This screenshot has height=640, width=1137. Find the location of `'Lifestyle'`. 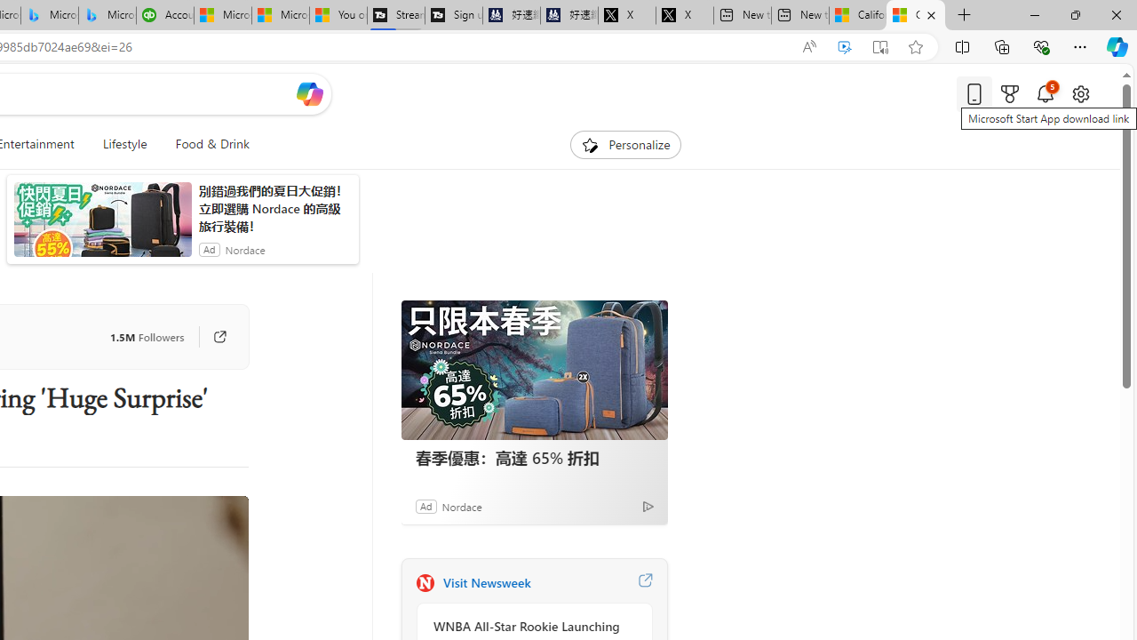

'Lifestyle' is located at coordinates (123, 144).